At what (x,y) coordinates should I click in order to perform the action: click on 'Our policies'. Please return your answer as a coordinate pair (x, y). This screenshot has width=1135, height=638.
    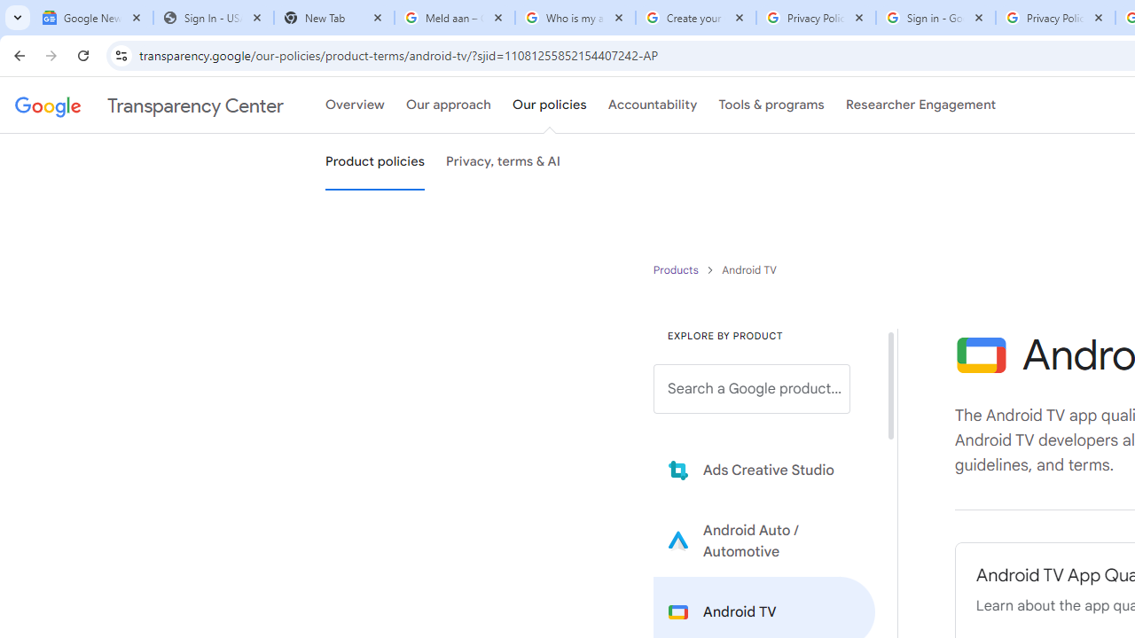
    Looking at the image, I should click on (549, 105).